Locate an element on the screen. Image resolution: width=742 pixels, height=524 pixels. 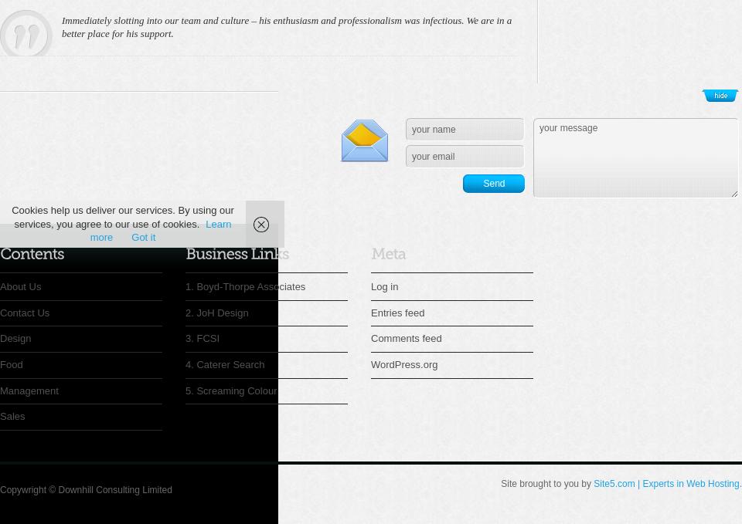
'Site brought to you by' is located at coordinates (547, 482).